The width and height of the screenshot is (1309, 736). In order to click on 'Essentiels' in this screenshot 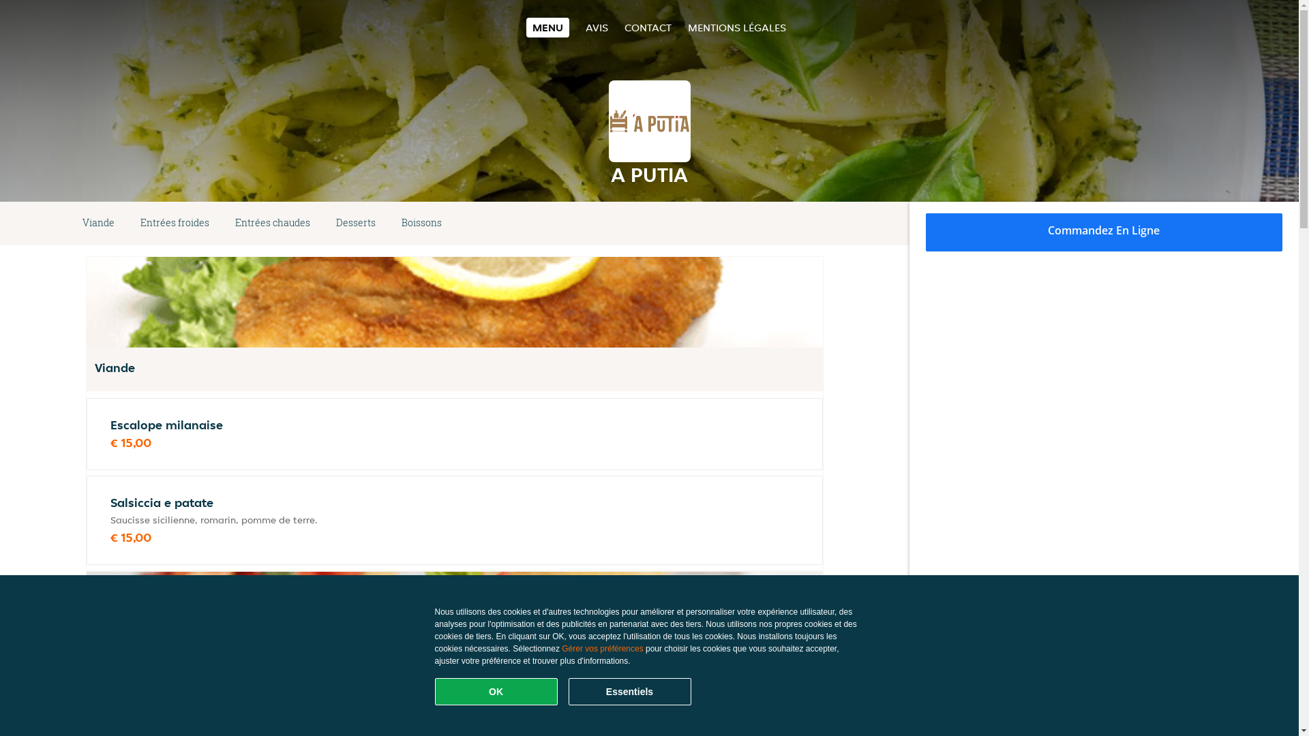, I will do `click(629, 691)`.